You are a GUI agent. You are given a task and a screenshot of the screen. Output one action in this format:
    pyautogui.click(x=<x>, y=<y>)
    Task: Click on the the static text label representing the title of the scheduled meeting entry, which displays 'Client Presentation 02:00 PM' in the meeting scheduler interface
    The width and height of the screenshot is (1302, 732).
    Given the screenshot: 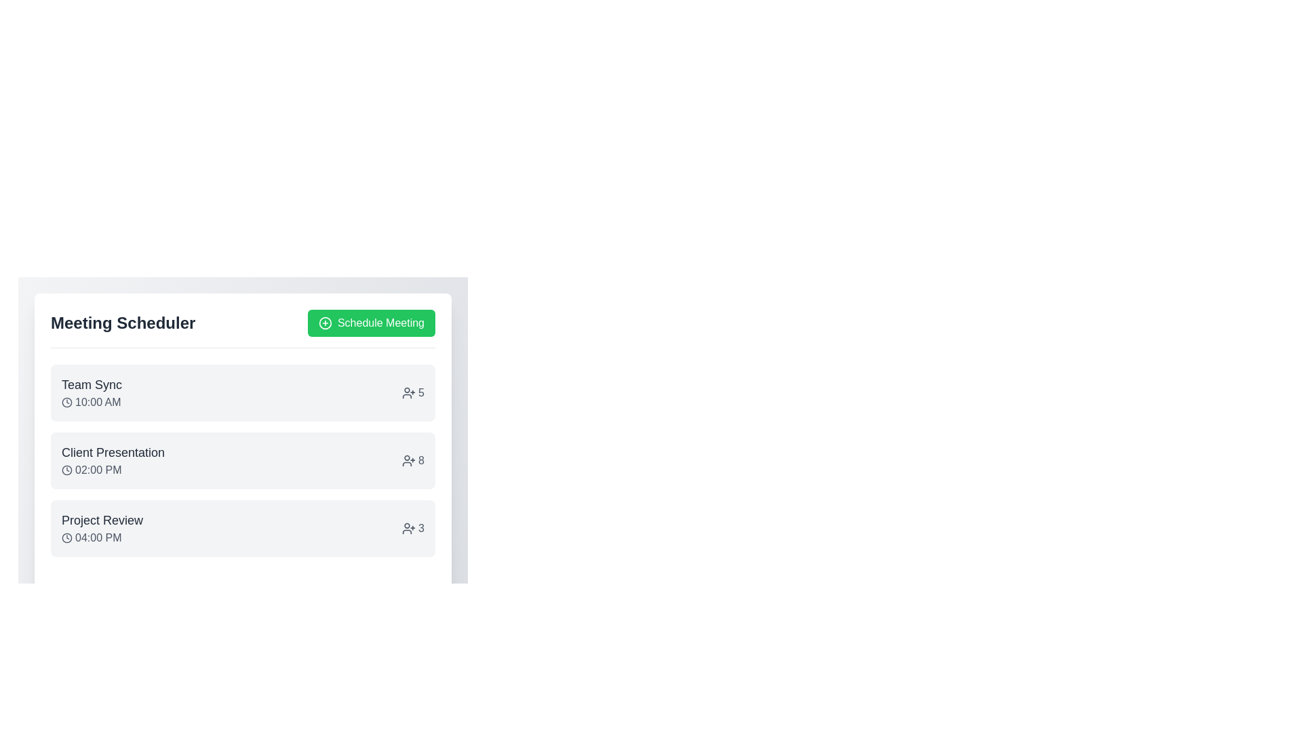 What is the action you would take?
    pyautogui.click(x=113, y=452)
    